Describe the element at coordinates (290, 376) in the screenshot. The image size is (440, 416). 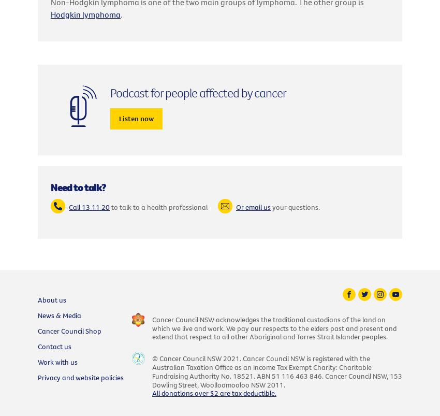
I see `'ABN 51 116 463 846.'` at that location.